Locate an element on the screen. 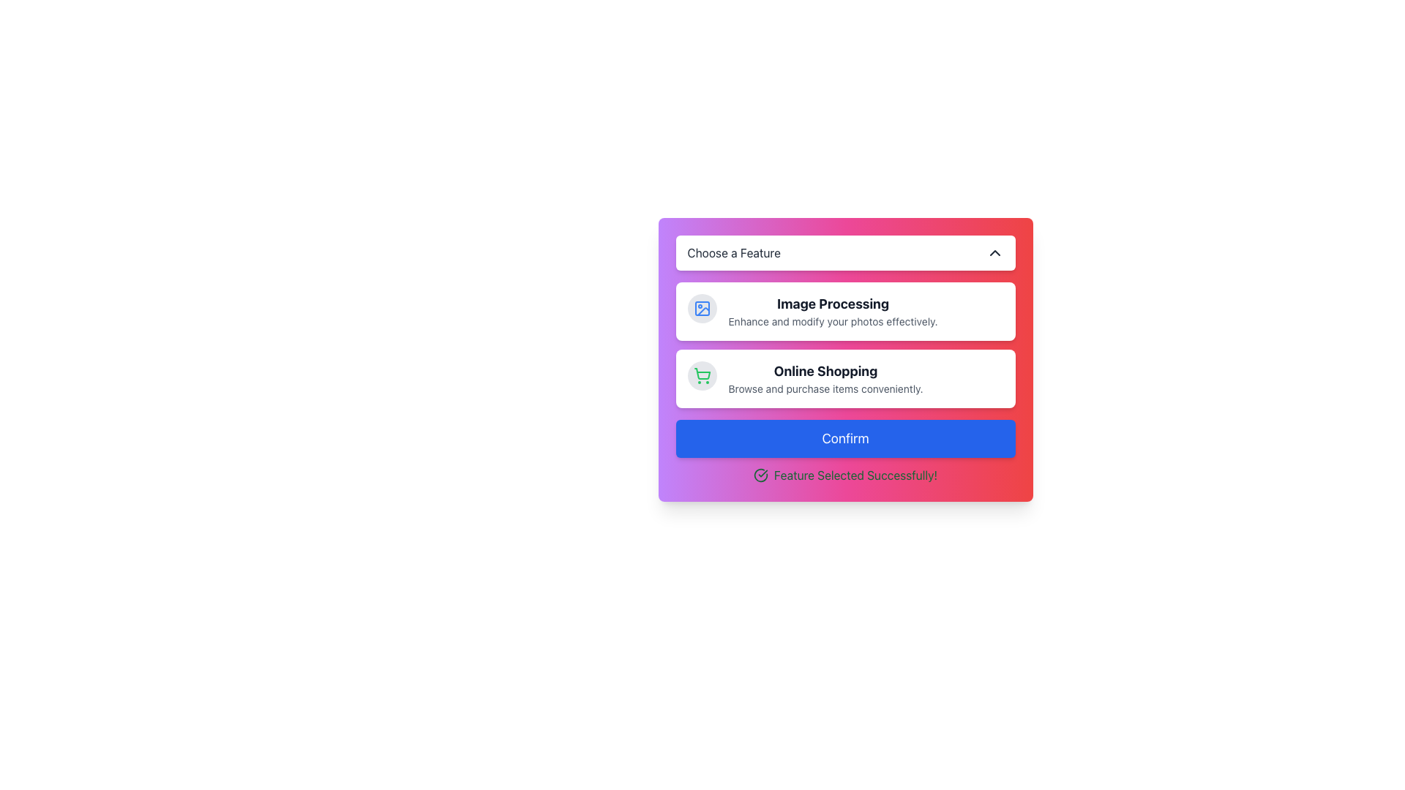 The width and height of the screenshot is (1405, 790). the text label that serves as the title for the 'Image Processing' feature, located above the text 'Enhance and modify your photos effectively' is located at coordinates (833, 304).